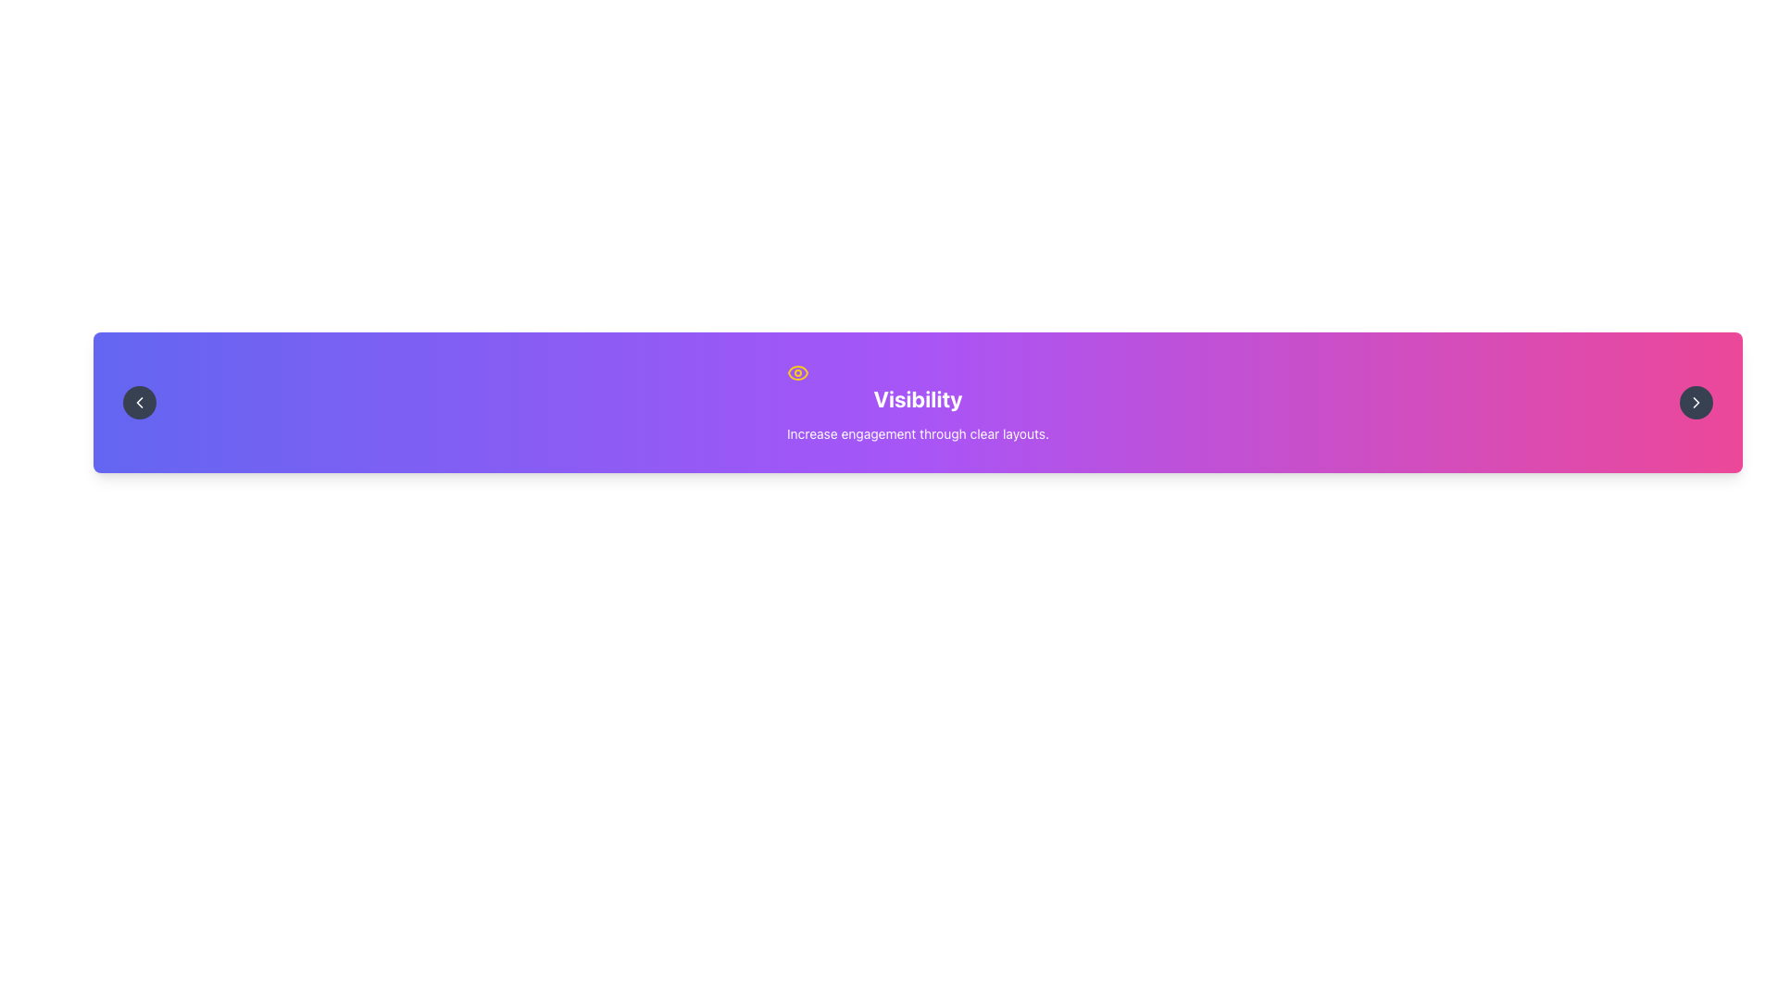 This screenshot has width=1778, height=1000. What do you see at coordinates (797, 372) in the screenshot?
I see `the visibility icon located above the title text 'Visibility', which represents the concept of visibility in the application` at bounding box center [797, 372].